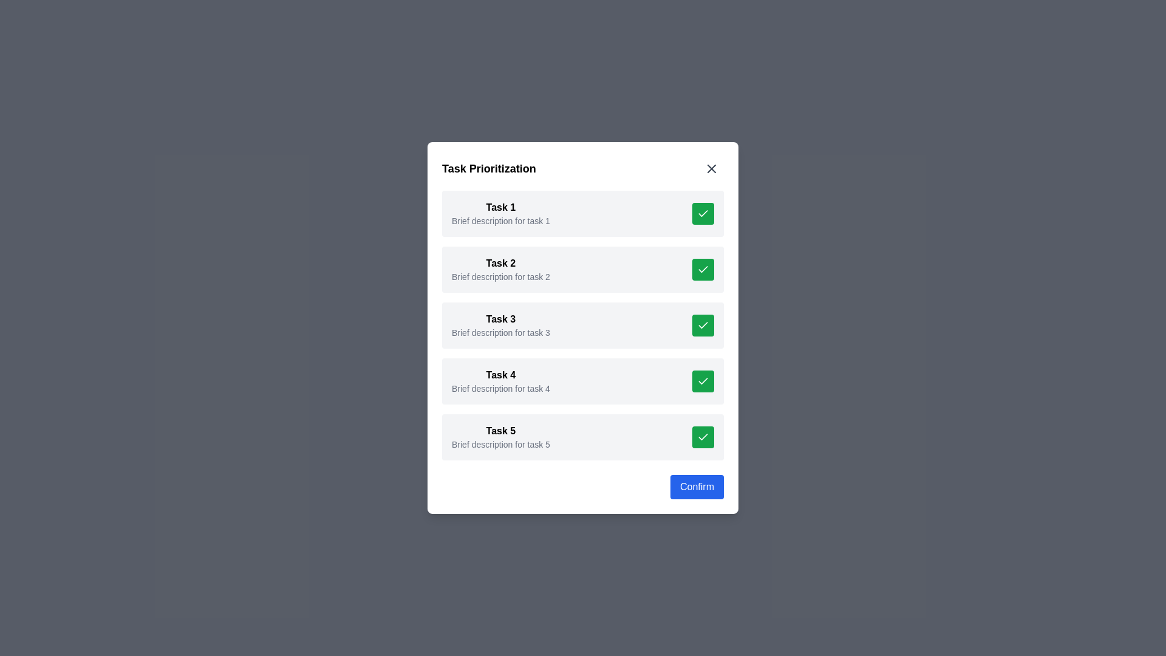  What do you see at coordinates (703, 213) in the screenshot?
I see `the green checkmark icon with a white checkmark symbol, which indicates the completed status of 'Task 1'` at bounding box center [703, 213].